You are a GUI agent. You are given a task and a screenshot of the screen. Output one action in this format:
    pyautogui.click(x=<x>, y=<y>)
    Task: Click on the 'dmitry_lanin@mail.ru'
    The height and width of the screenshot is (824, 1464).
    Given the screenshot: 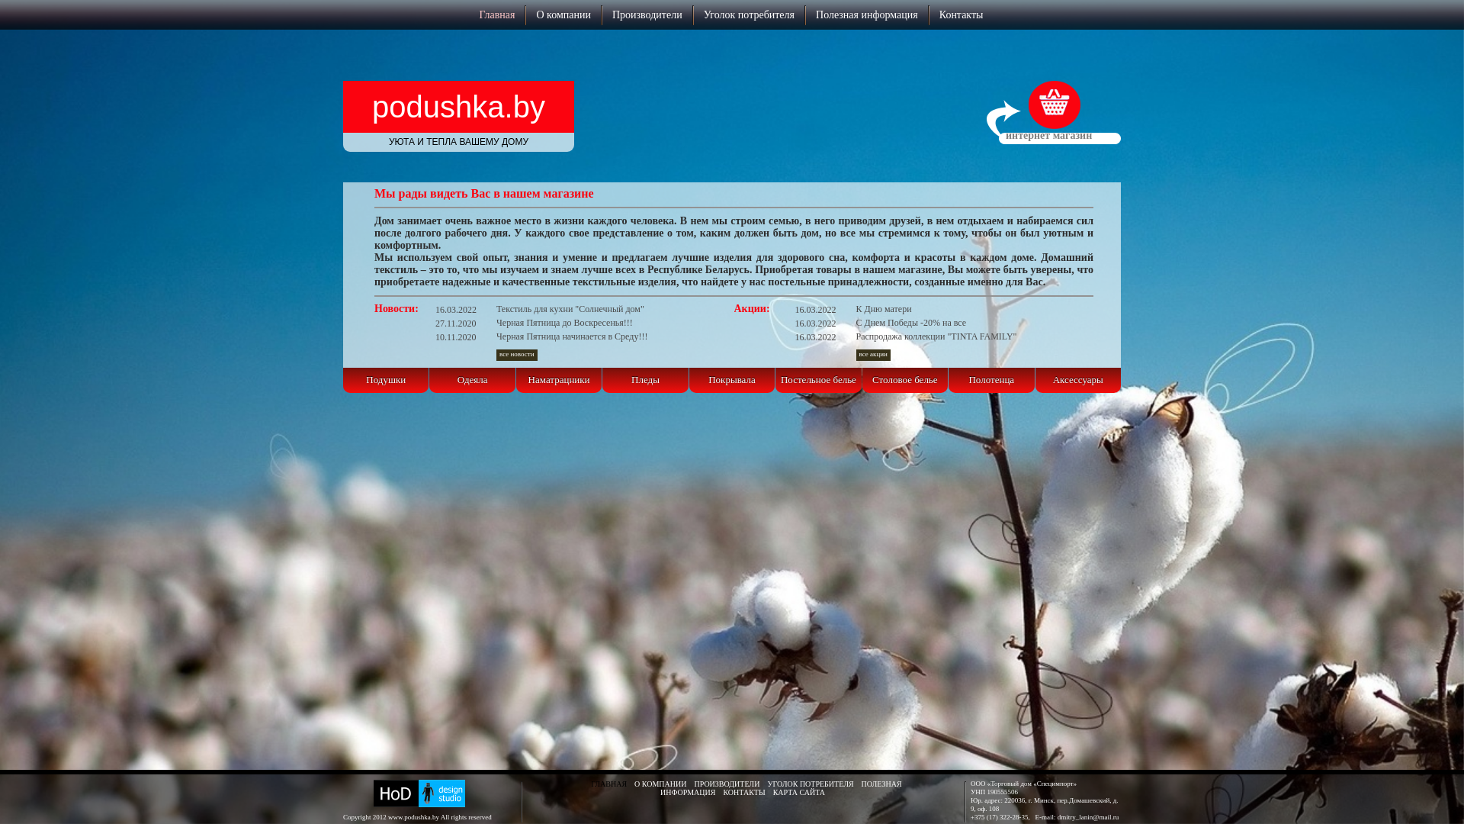 What is the action you would take?
    pyautogui.click(x=1087, y=816)
    